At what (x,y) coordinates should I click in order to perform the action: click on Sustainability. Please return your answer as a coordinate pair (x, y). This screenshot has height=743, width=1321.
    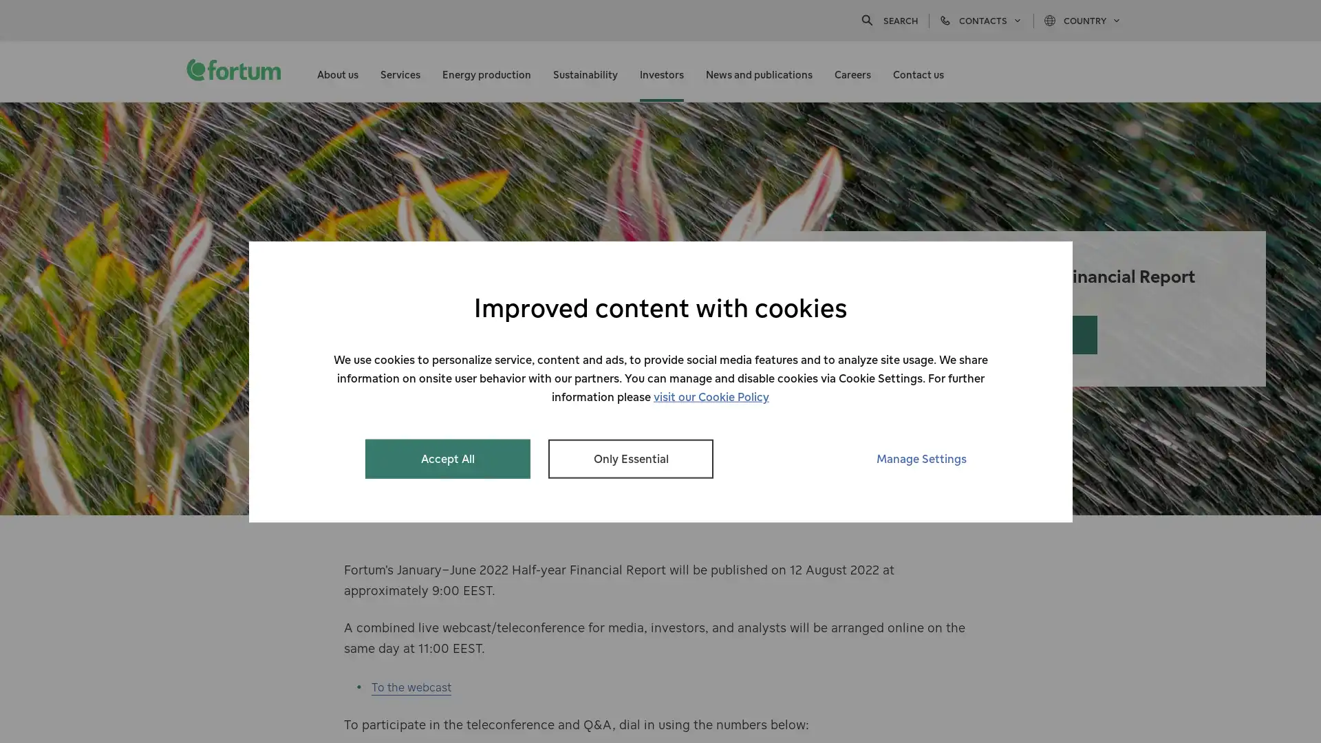
    Looking at the image, I should click on (585, 72).